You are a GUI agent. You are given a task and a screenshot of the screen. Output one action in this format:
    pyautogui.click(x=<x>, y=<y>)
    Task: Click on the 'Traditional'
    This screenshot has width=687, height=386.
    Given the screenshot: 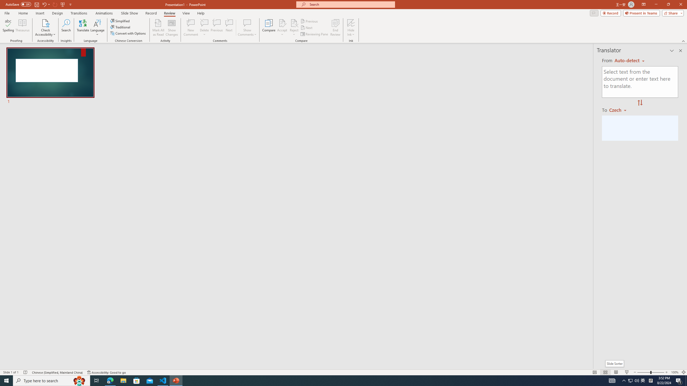 What is the action you would take?
    pyautogui.click(x=120, y=27)
    